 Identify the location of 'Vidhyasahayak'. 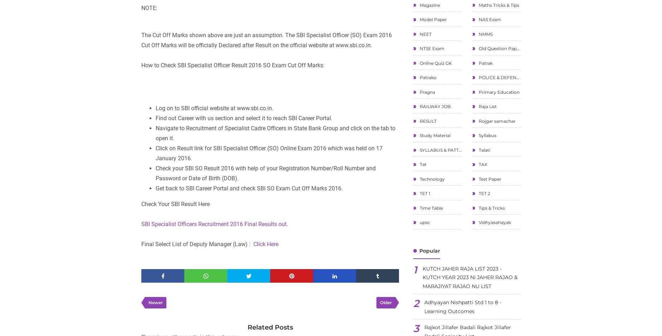
(494, 222).